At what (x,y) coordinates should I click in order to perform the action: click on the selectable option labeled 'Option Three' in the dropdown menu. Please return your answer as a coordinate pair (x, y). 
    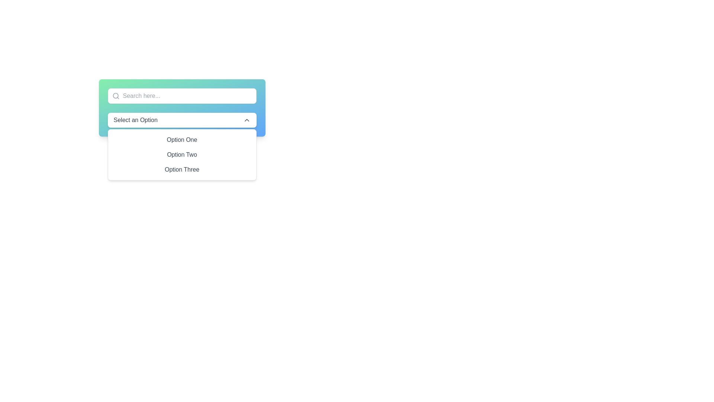
    Looking at the image, I should click on (182, 169).